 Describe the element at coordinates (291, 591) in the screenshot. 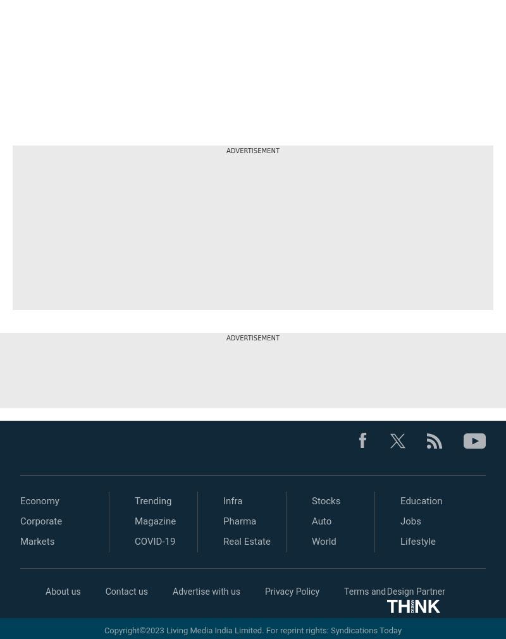

I see `'Privacy Policy'` at that location.